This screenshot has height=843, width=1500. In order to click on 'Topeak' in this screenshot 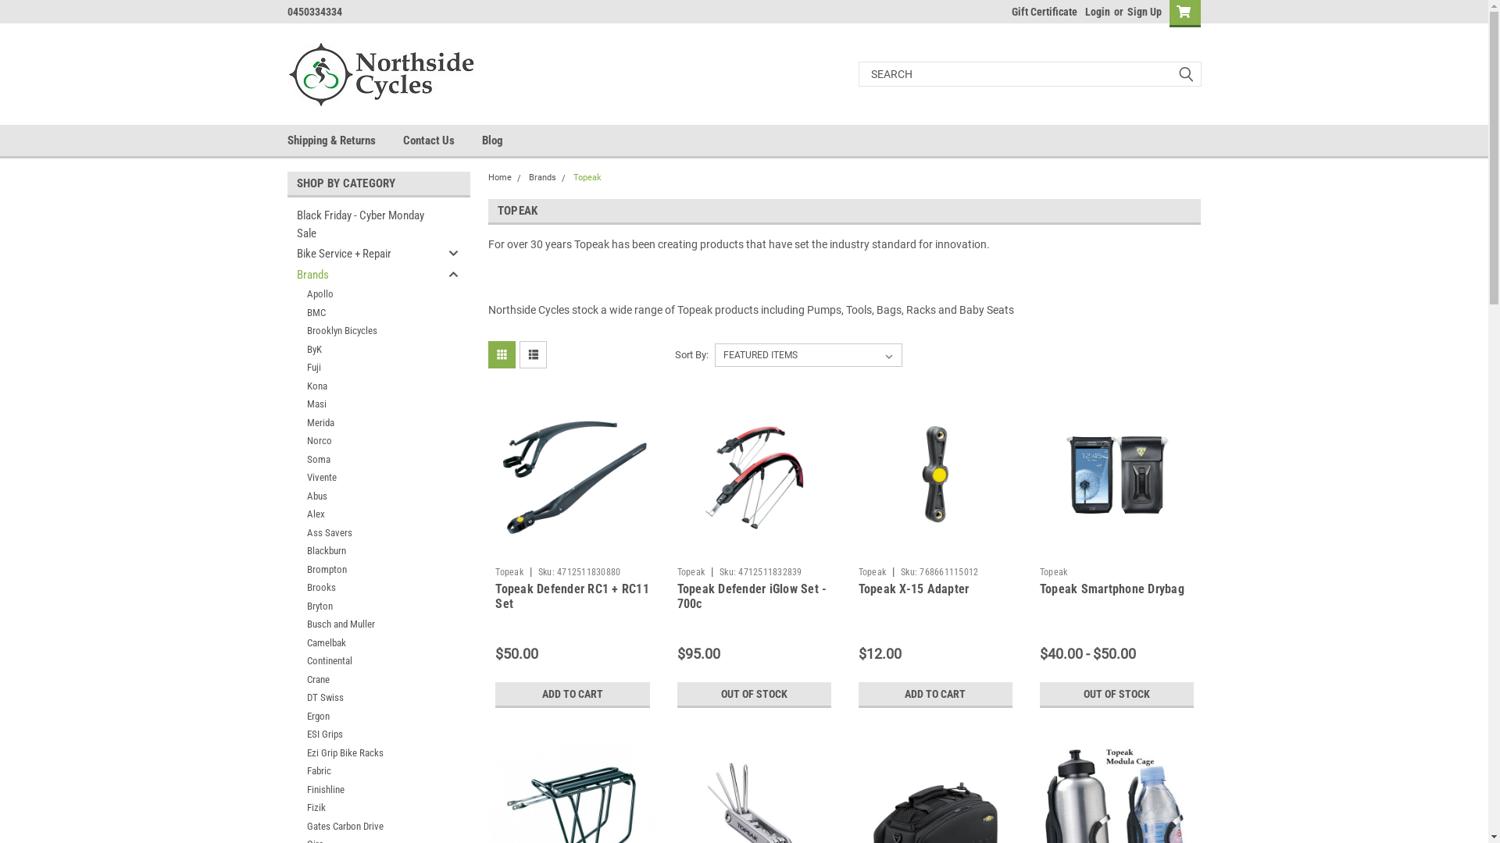, I will do `click(1053, 571)`.